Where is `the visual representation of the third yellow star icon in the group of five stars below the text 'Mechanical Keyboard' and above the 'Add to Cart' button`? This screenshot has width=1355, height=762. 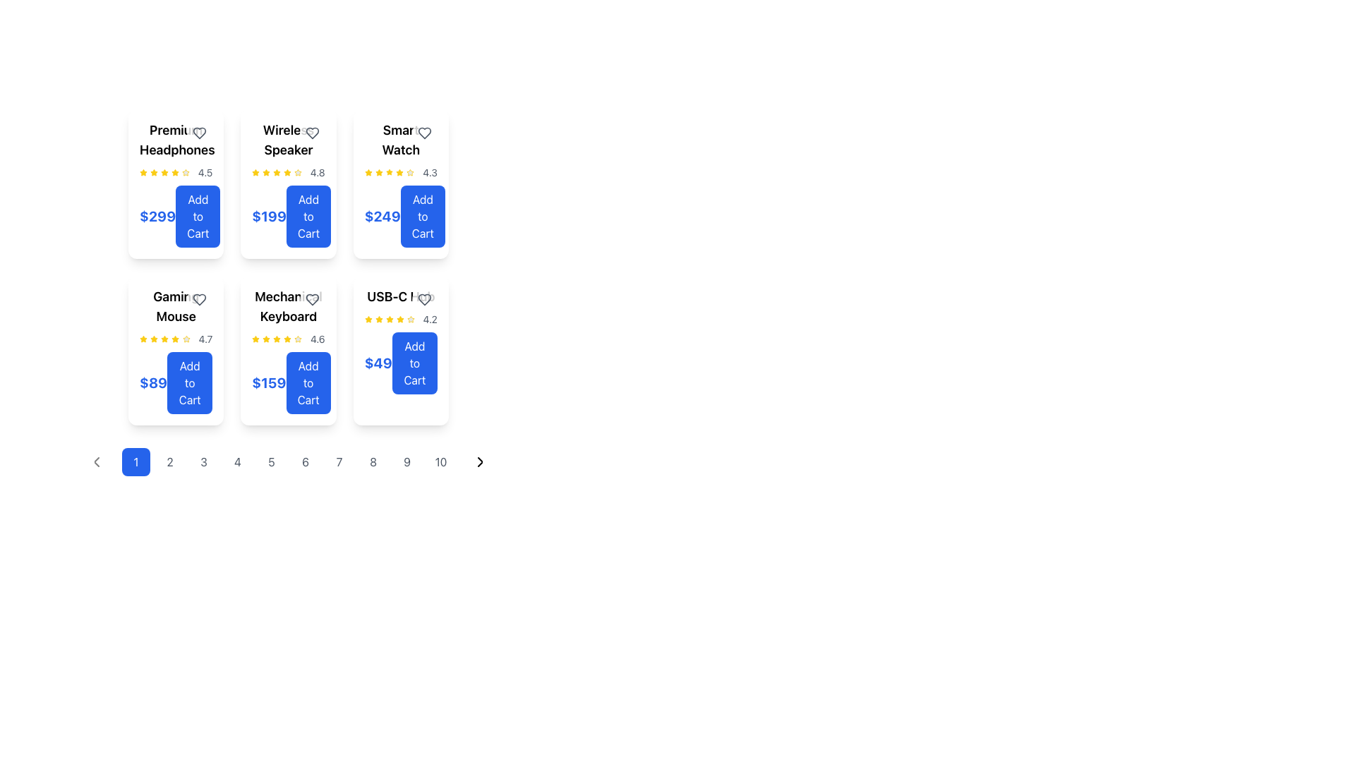 the visual representation of the third yellow star icon in the group of five stars below the text 'Mechanical Keyboard' and above the 'Add to Cart' button is located at coordinates (266, 339).